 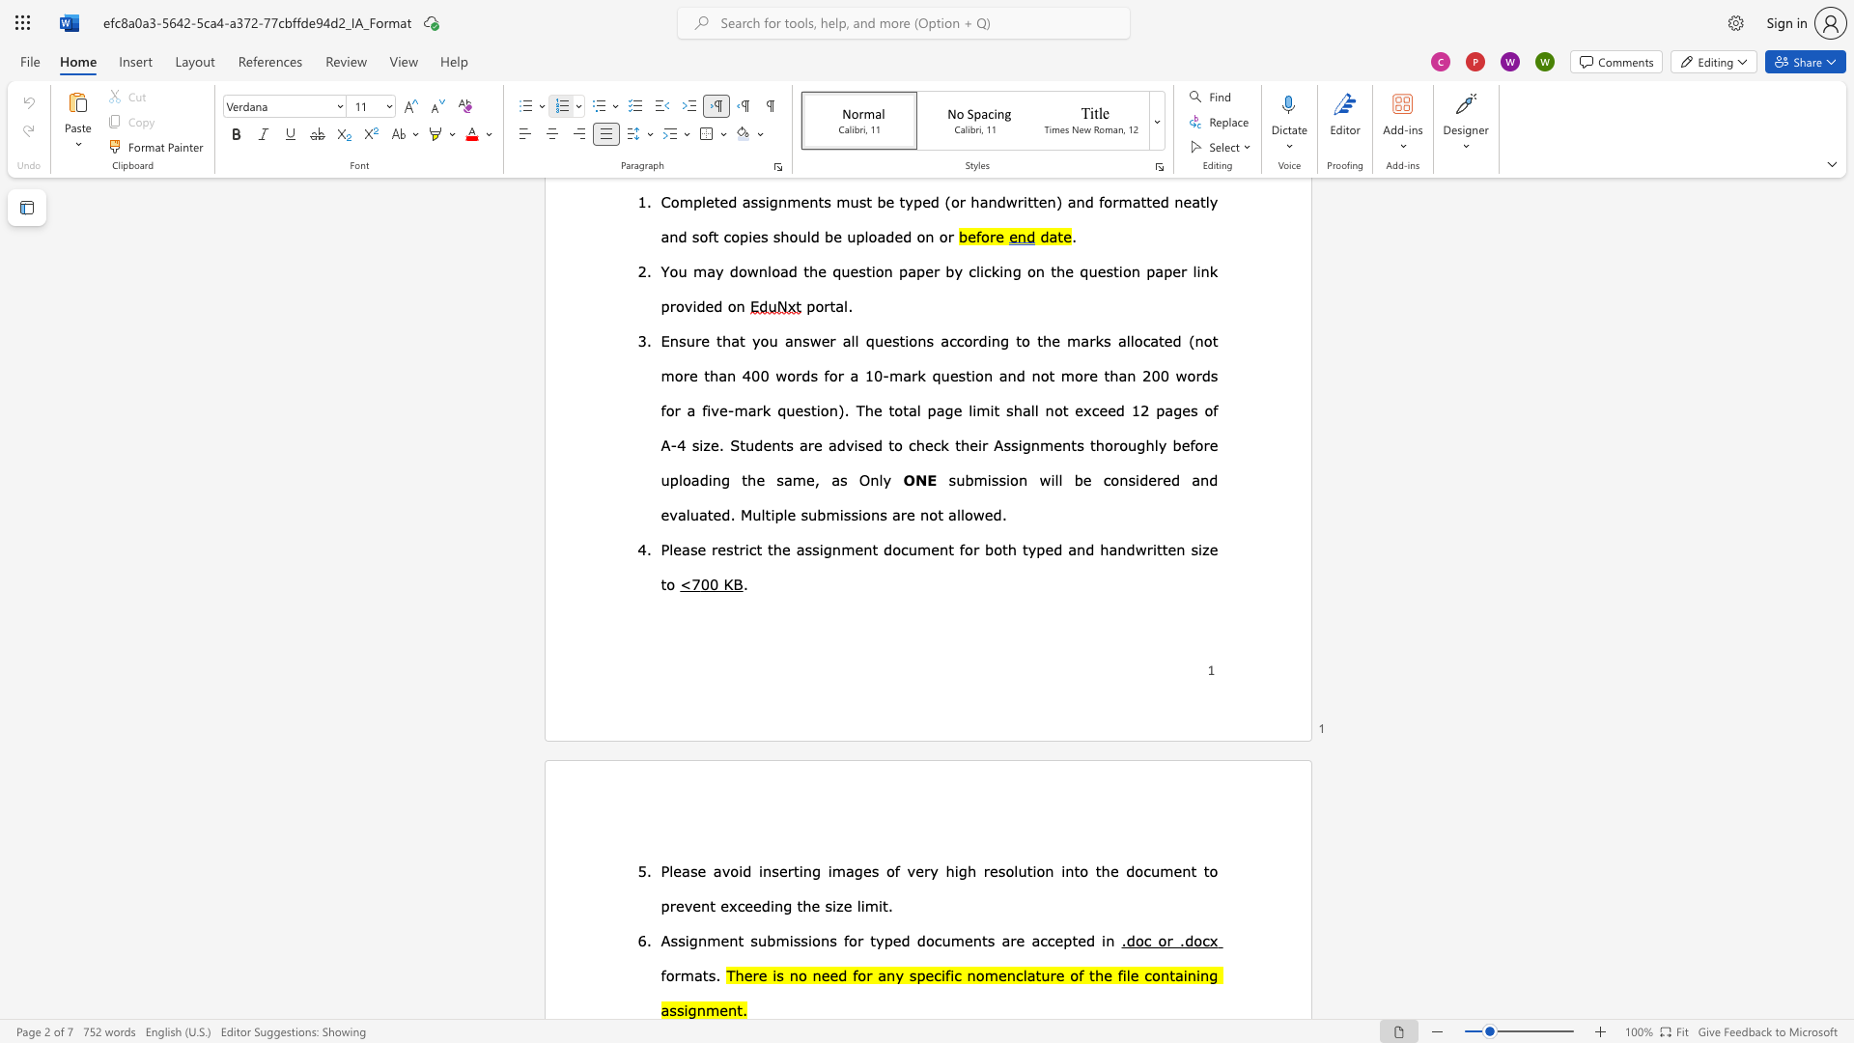 I want to click on the 1th character "g" in the text, so click(x=692, y=1008).